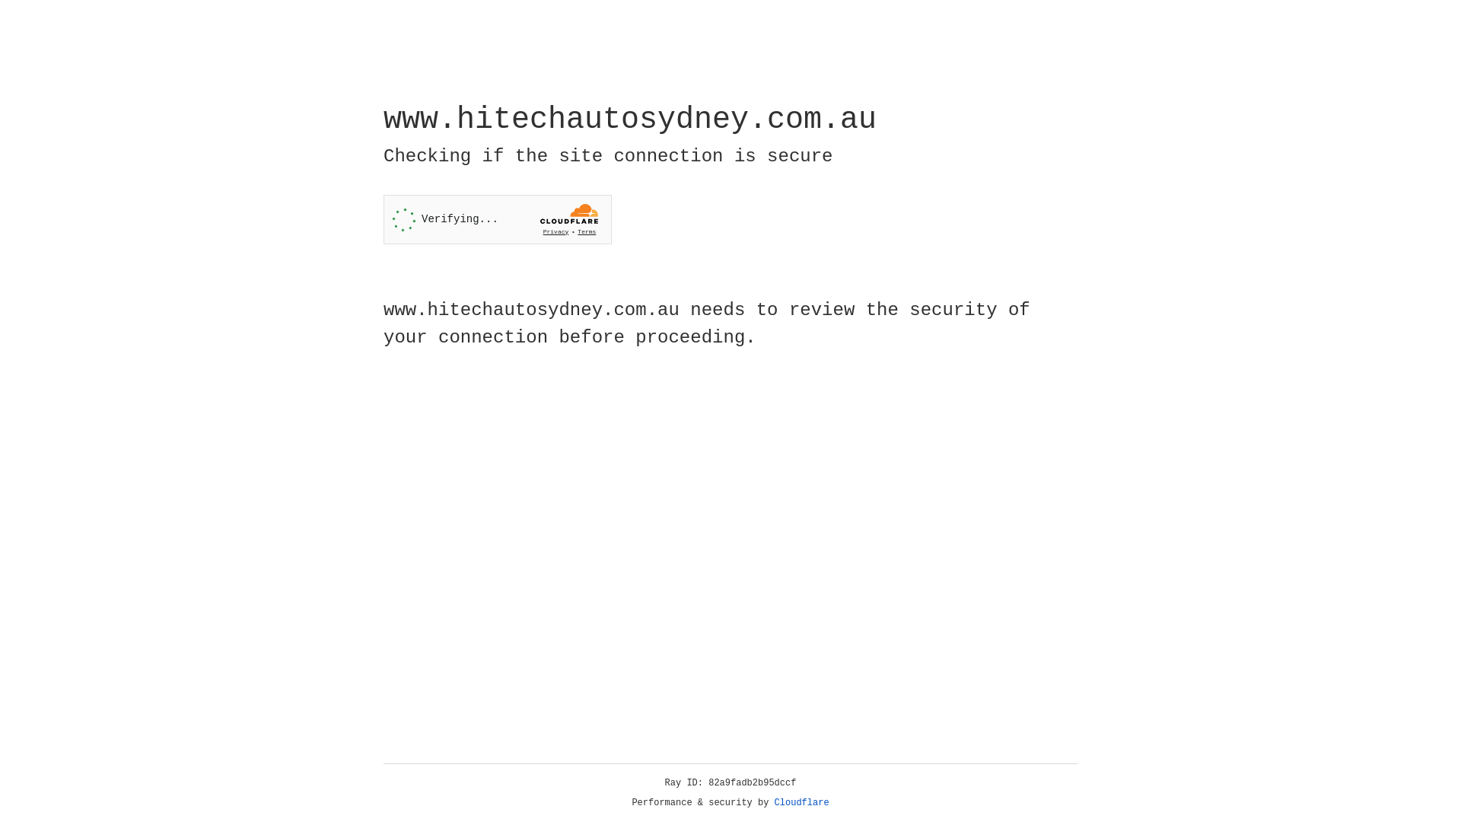  I want to click on 'Widget containing a Cloudflare security challenge', so click(497, 219).